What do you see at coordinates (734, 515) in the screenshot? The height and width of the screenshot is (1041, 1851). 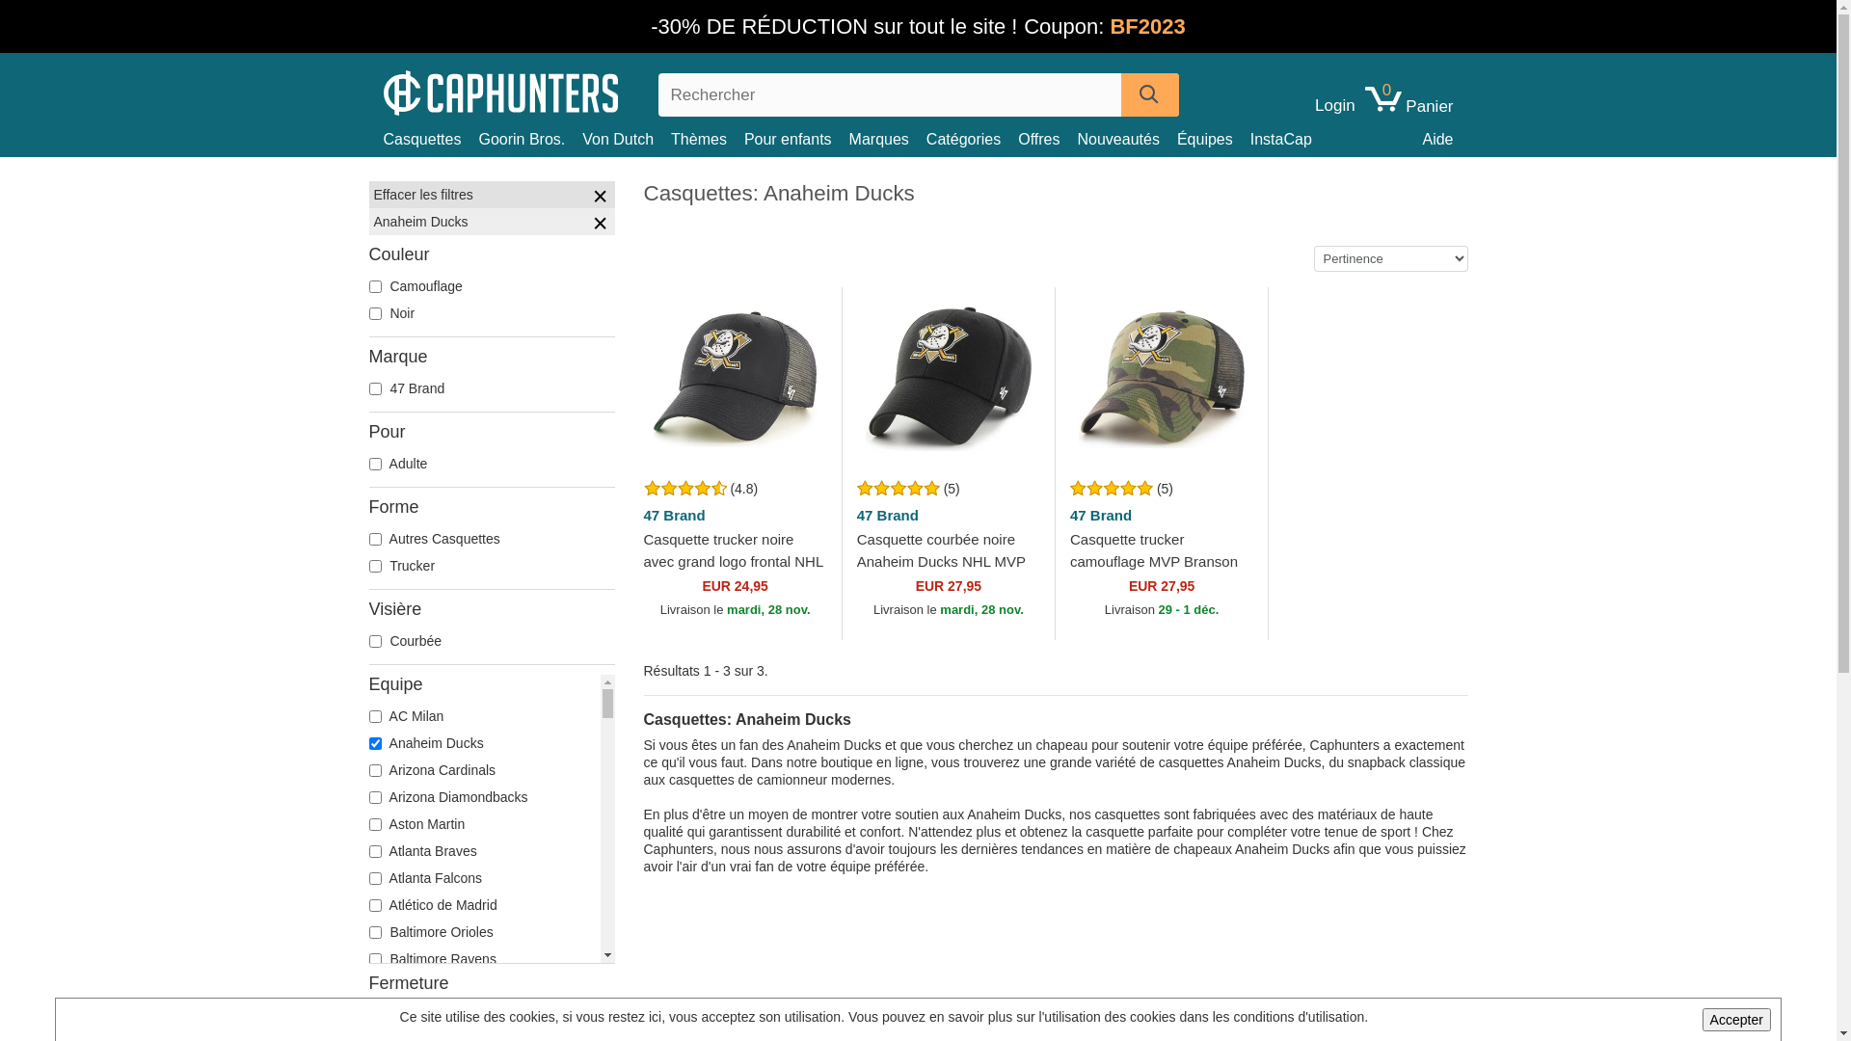 I see `'47 Brand'` at bounding box center [734, 515].